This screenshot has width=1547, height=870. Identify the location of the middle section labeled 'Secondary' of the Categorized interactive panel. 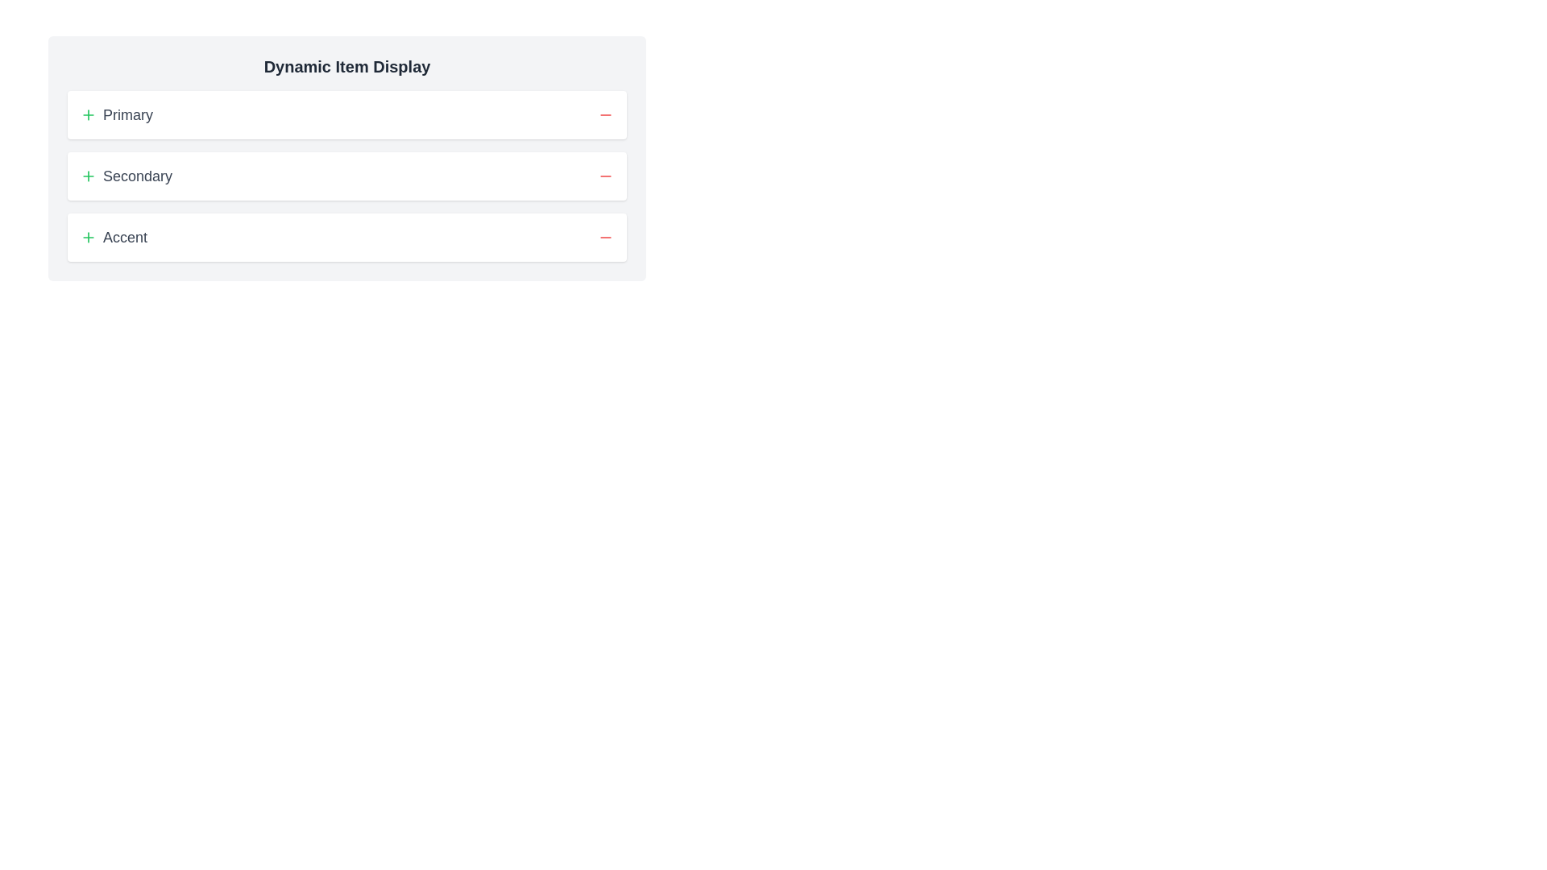
(346, 172).